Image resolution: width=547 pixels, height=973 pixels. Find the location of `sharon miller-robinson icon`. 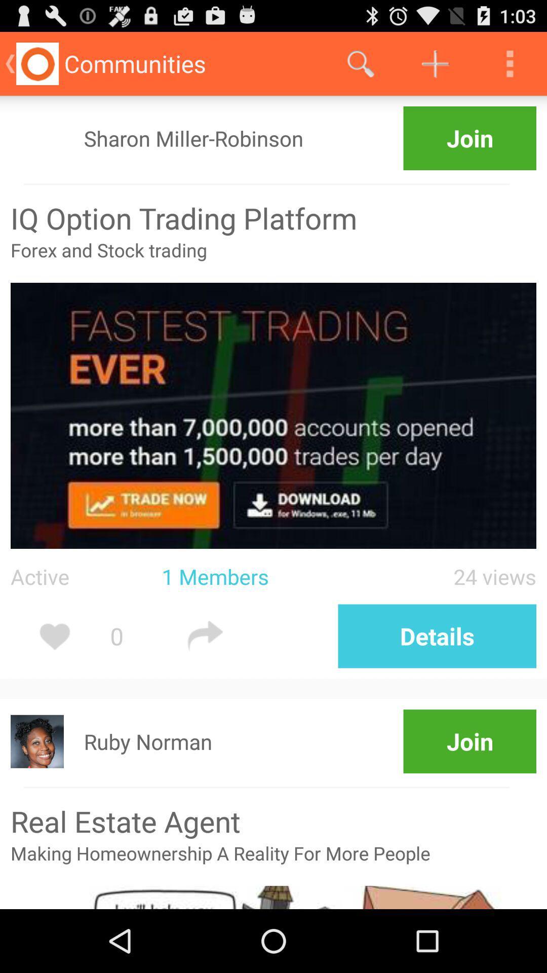

sharon miller-robinson icon is located at coordinates (193, 138).